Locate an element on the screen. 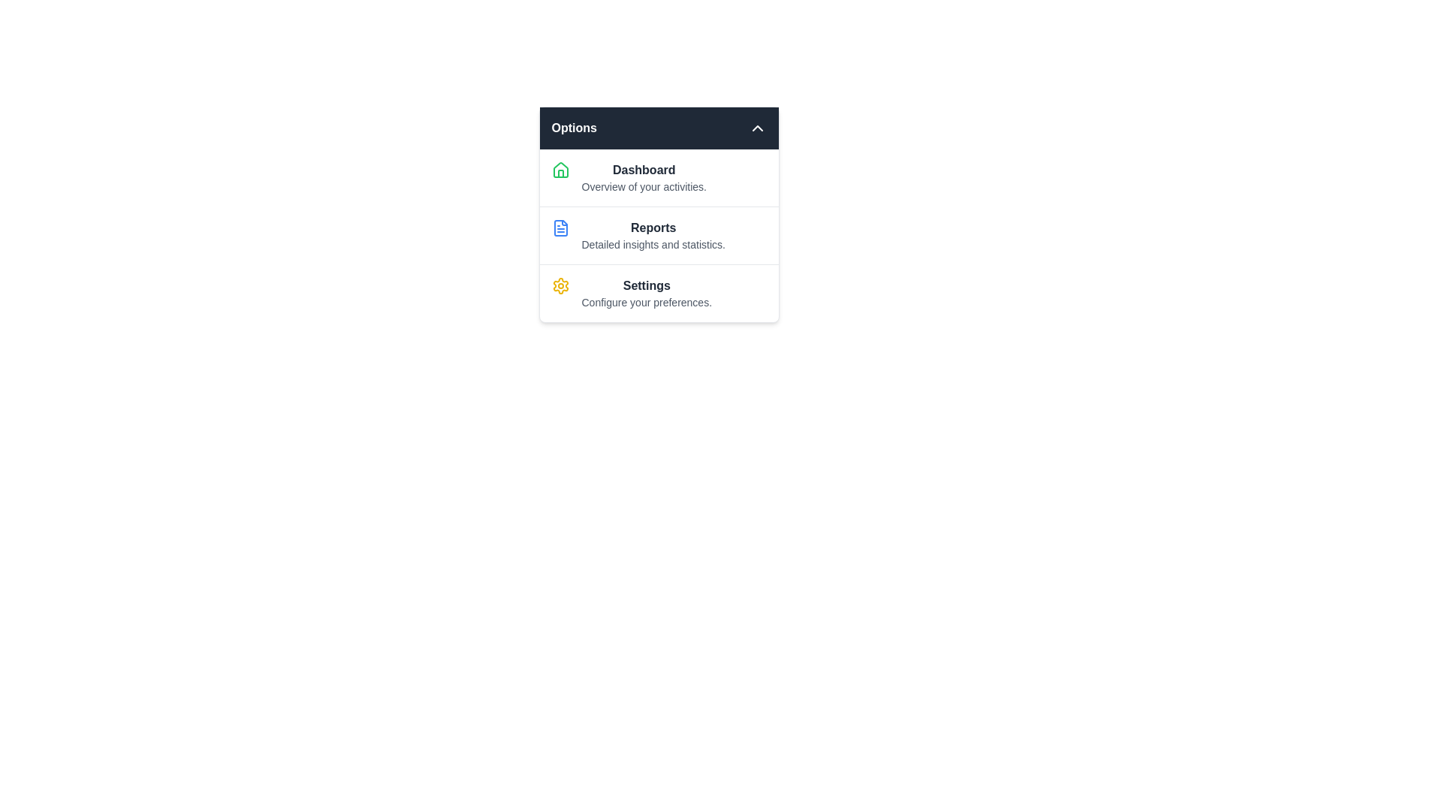 This screenshot has width=1442, height=811. the 'Settings' icon located is located at coordinates (560, 286).